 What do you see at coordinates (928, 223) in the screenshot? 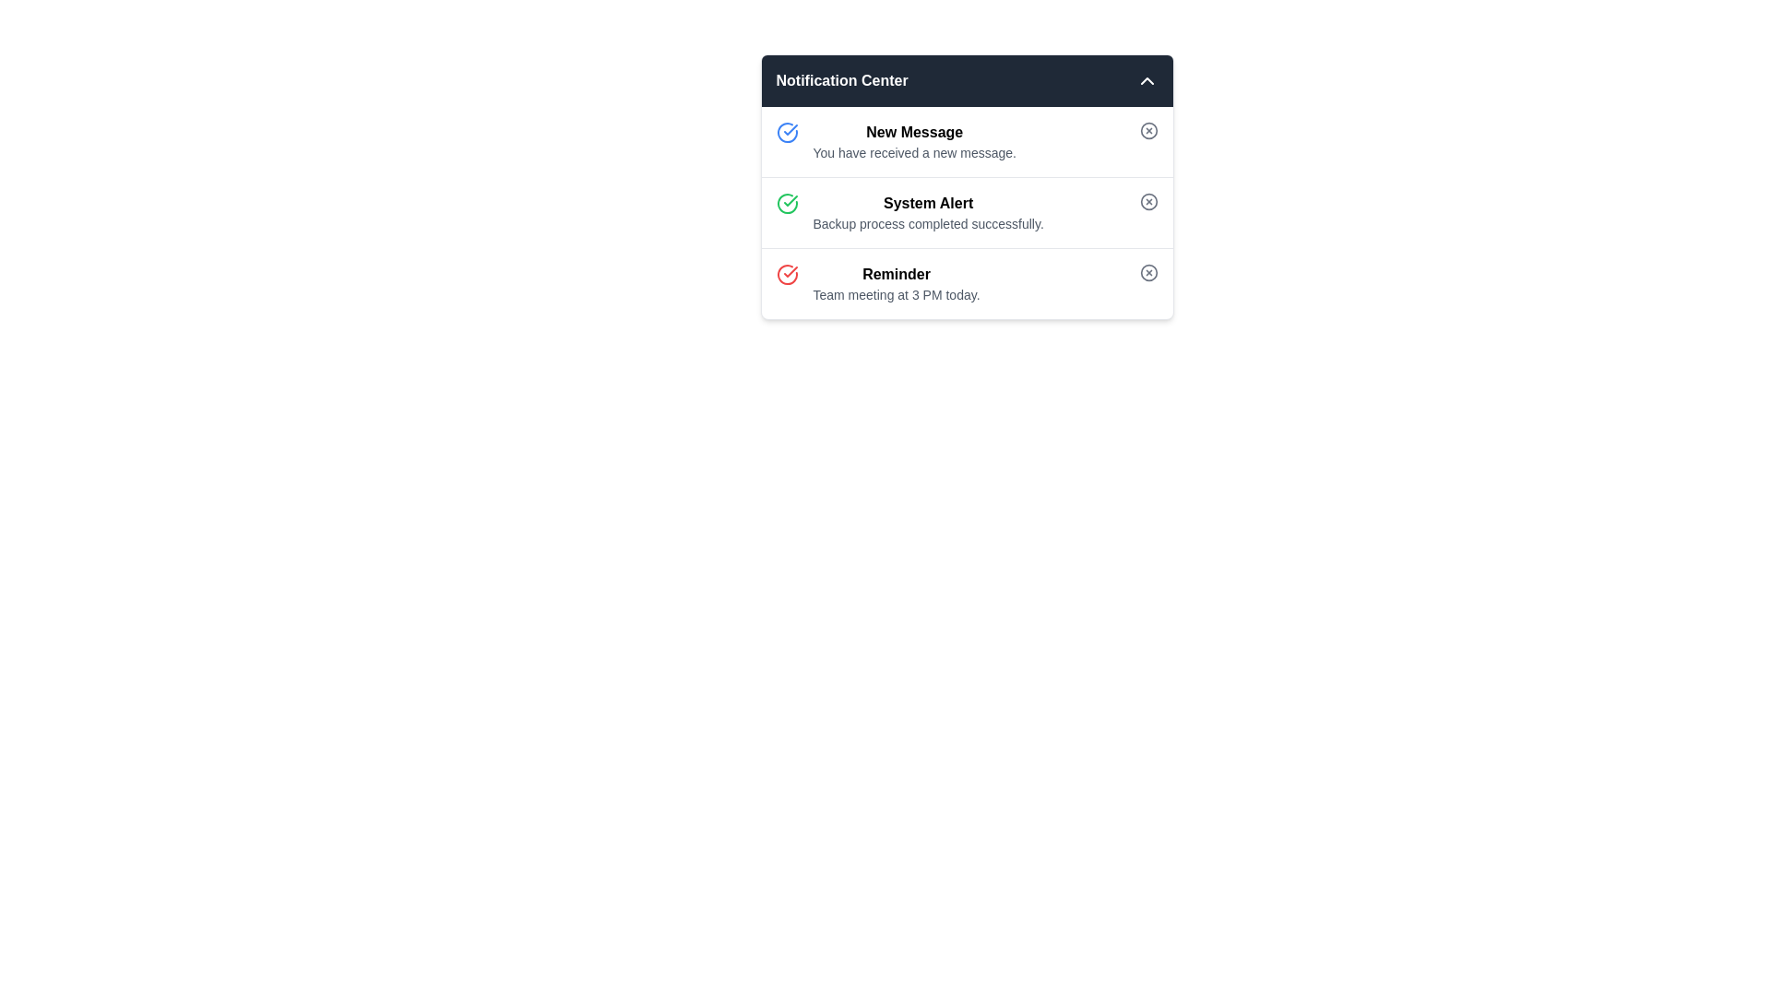
I see `the second text line under the 'System Alert' header in the Notification Center that indicates a successful backup process` at bounding box center [928, 223].